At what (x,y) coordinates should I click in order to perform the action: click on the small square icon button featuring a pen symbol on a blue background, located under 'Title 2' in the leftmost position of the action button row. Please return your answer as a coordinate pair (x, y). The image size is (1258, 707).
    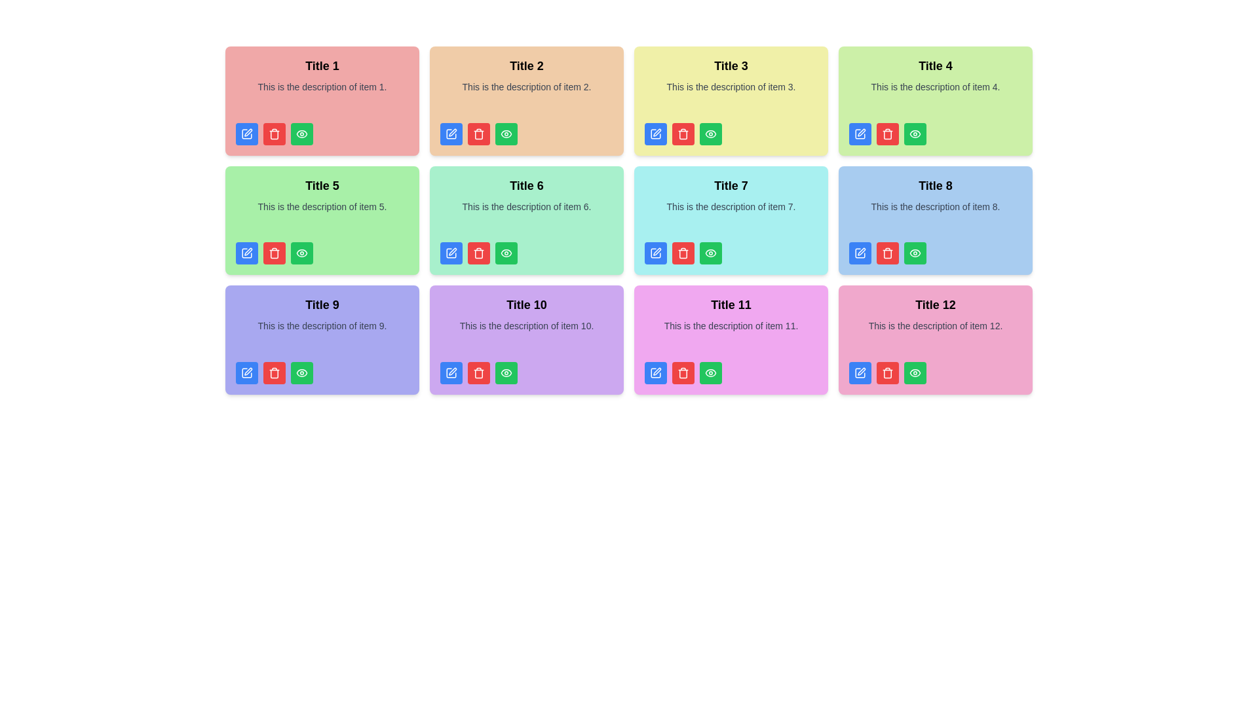
    Looking at the image, I should click on (451, 134).